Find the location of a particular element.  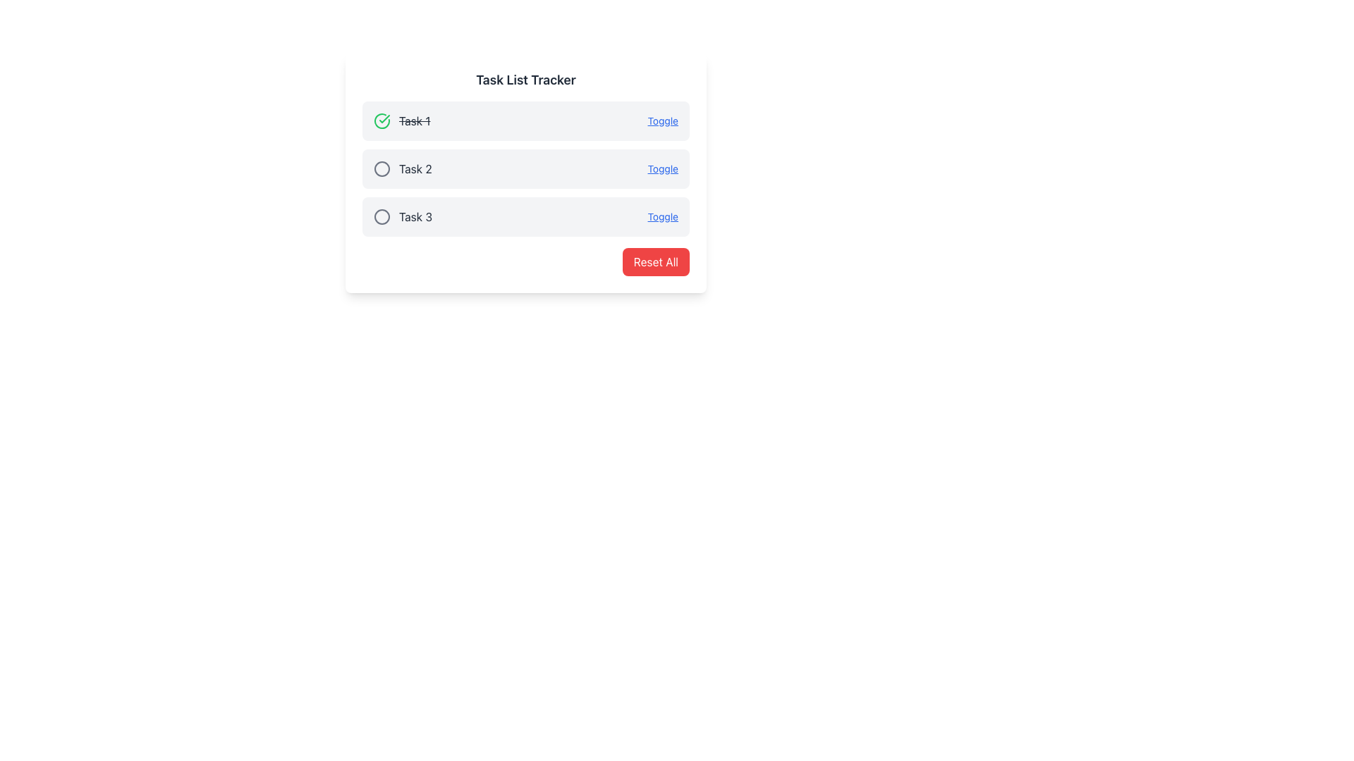

the text element displaying 'Task 3' with the associated incomplete task icon is located at coordinates (402, 217).